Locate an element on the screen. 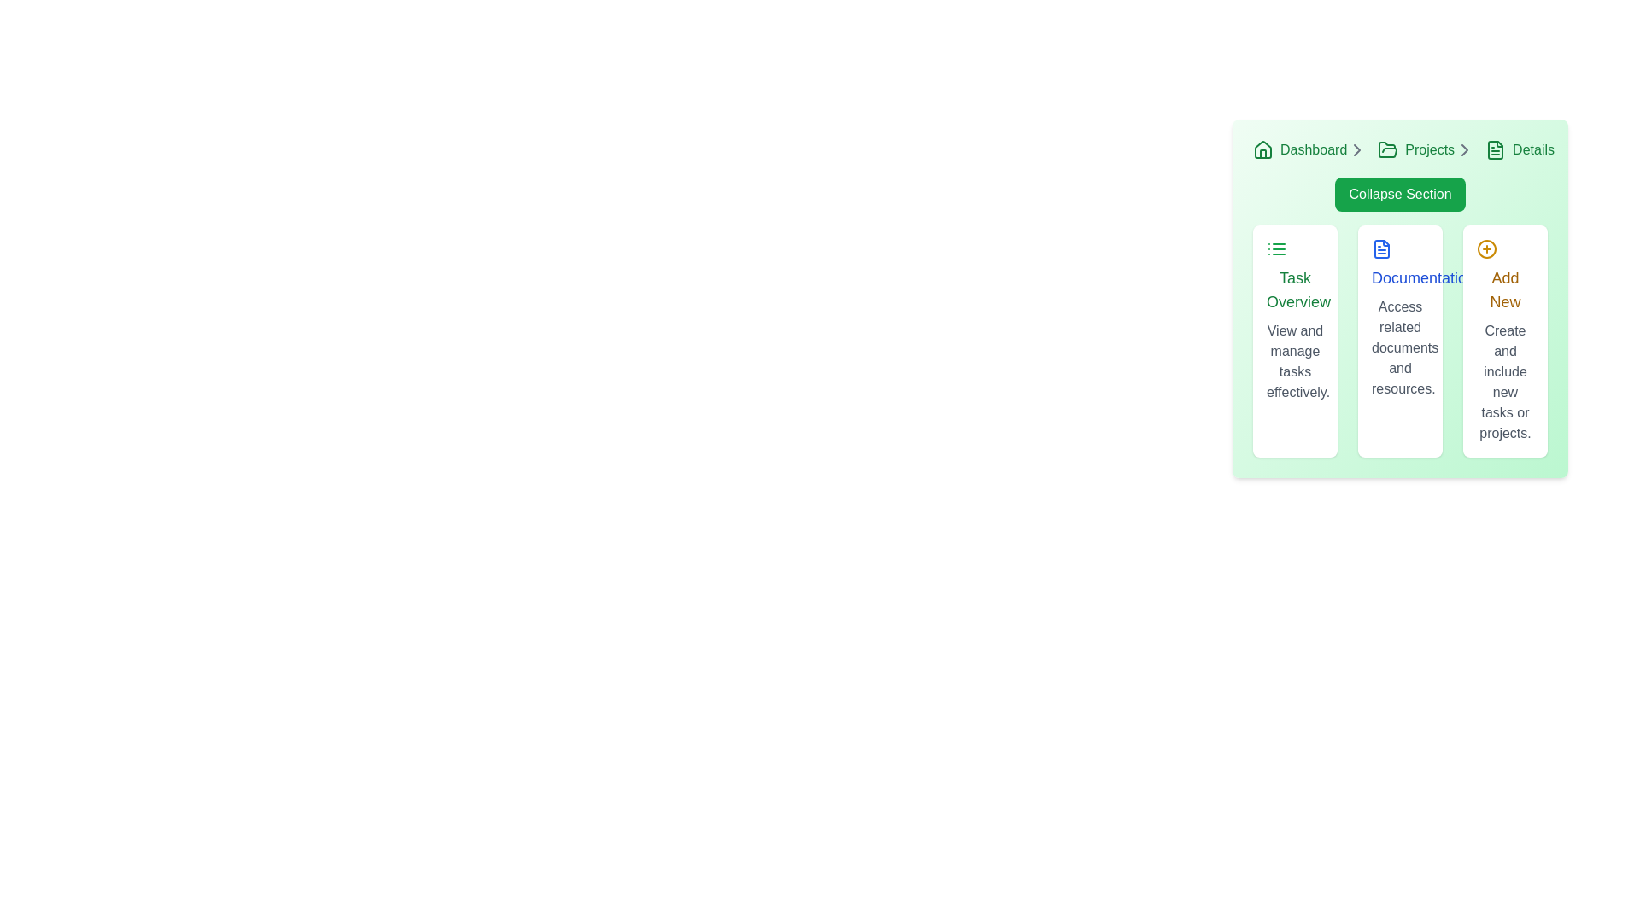  the 'Projects' icon in the breadcrumb navigation, which is positioned between the 'Dashboard' and 'Details' links is located at coordinates (1388, 149).